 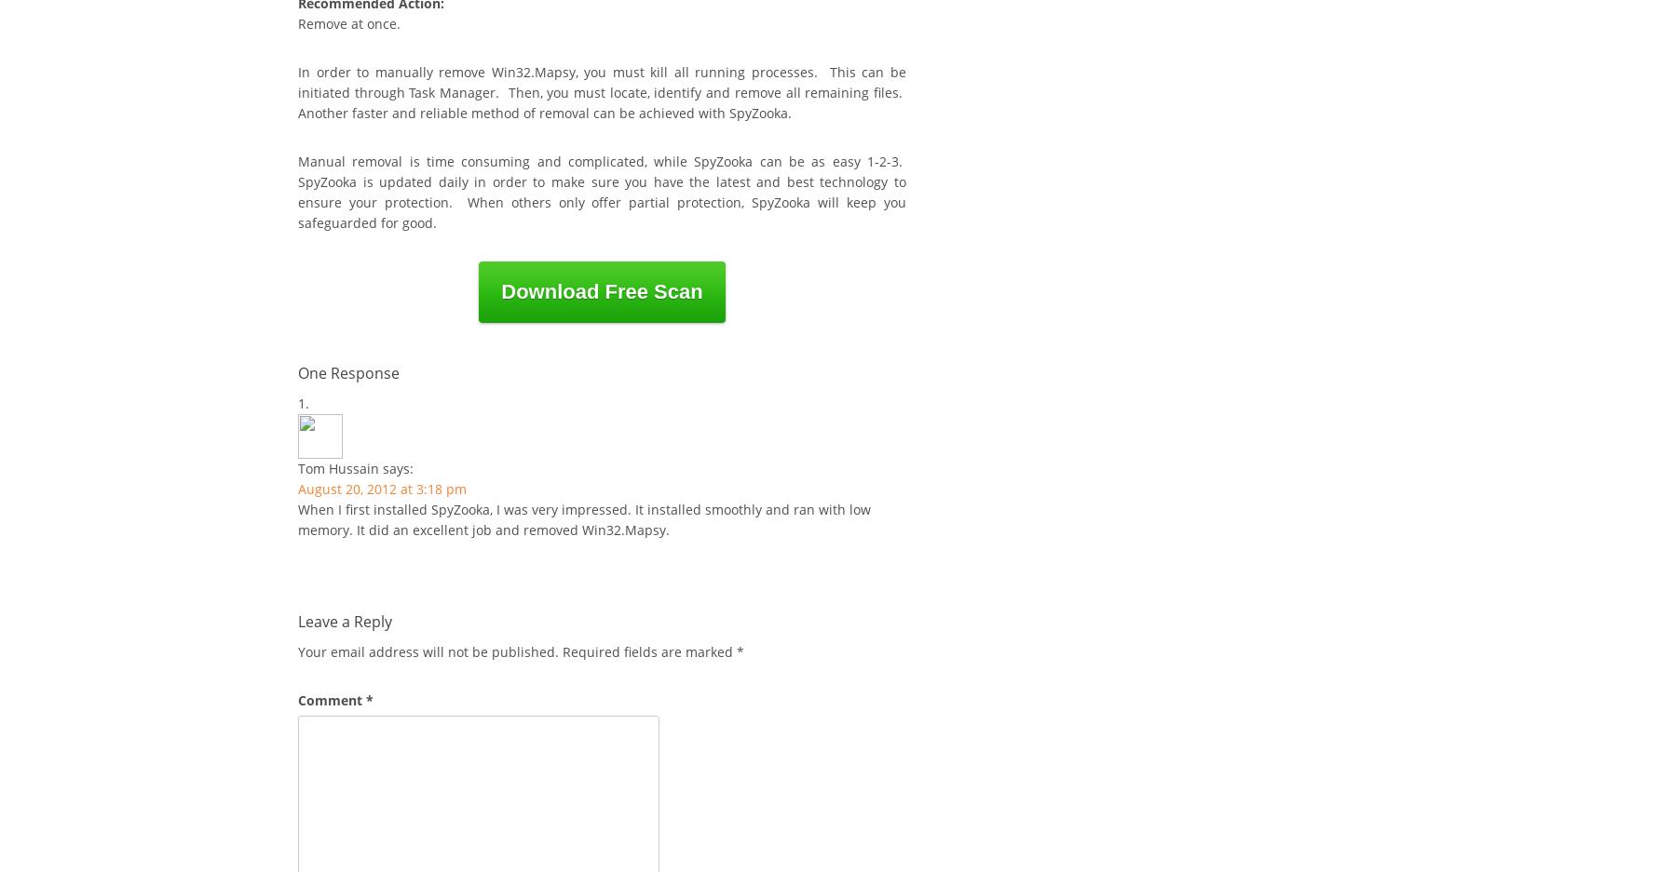 What do you see at coordinates (602, 91) in the screenshot?
I see `'In order to manually remove Win32.Mapsy, you must kill all running processes.  This can be initiated through Task Manager.  Then, you must locate, identify and remove all remaining files.  Another faster and reliable method of removal can be achieved with SpyZooka.'` at bounding box center [602, 91].